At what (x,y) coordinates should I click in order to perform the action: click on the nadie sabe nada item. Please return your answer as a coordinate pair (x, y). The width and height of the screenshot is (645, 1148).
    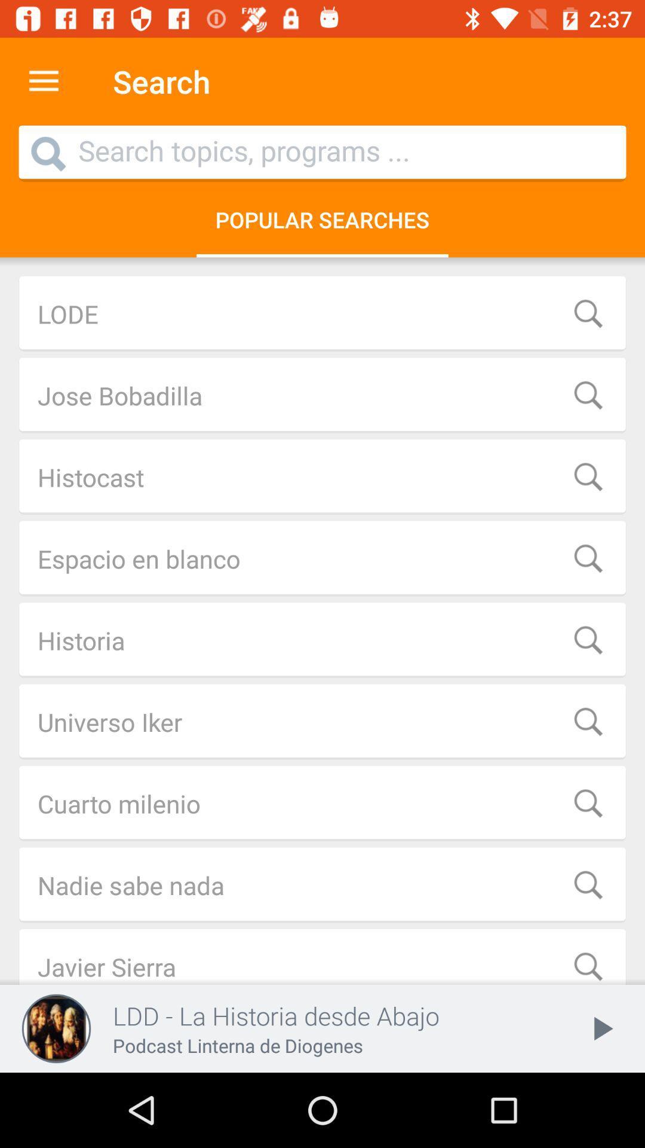
    Looking at the image, I should click on (322, 885).